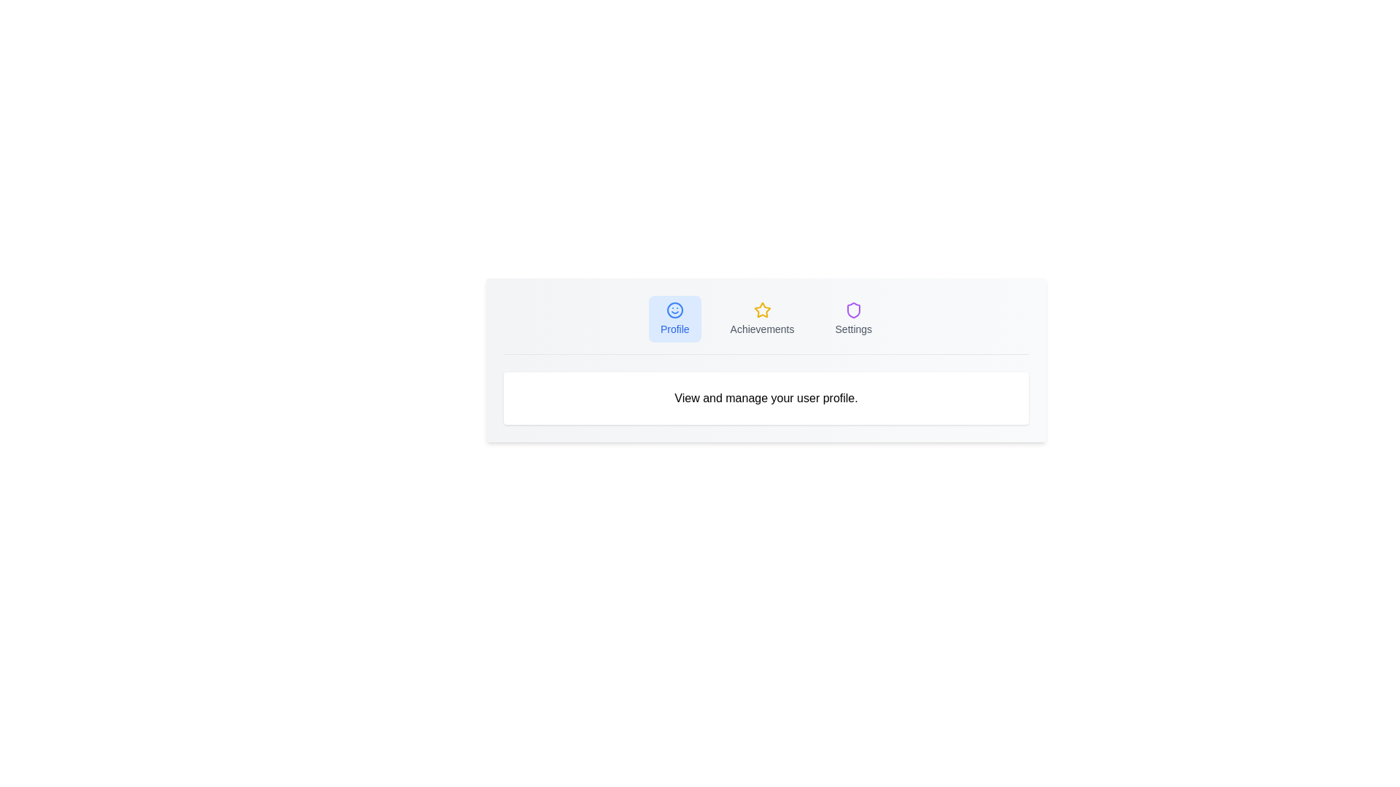  What do you see at coordinates (761, 318) in the screenshot?
I see `the Achievements tab to trigger its hover effect` at bounding box center [761, 318].